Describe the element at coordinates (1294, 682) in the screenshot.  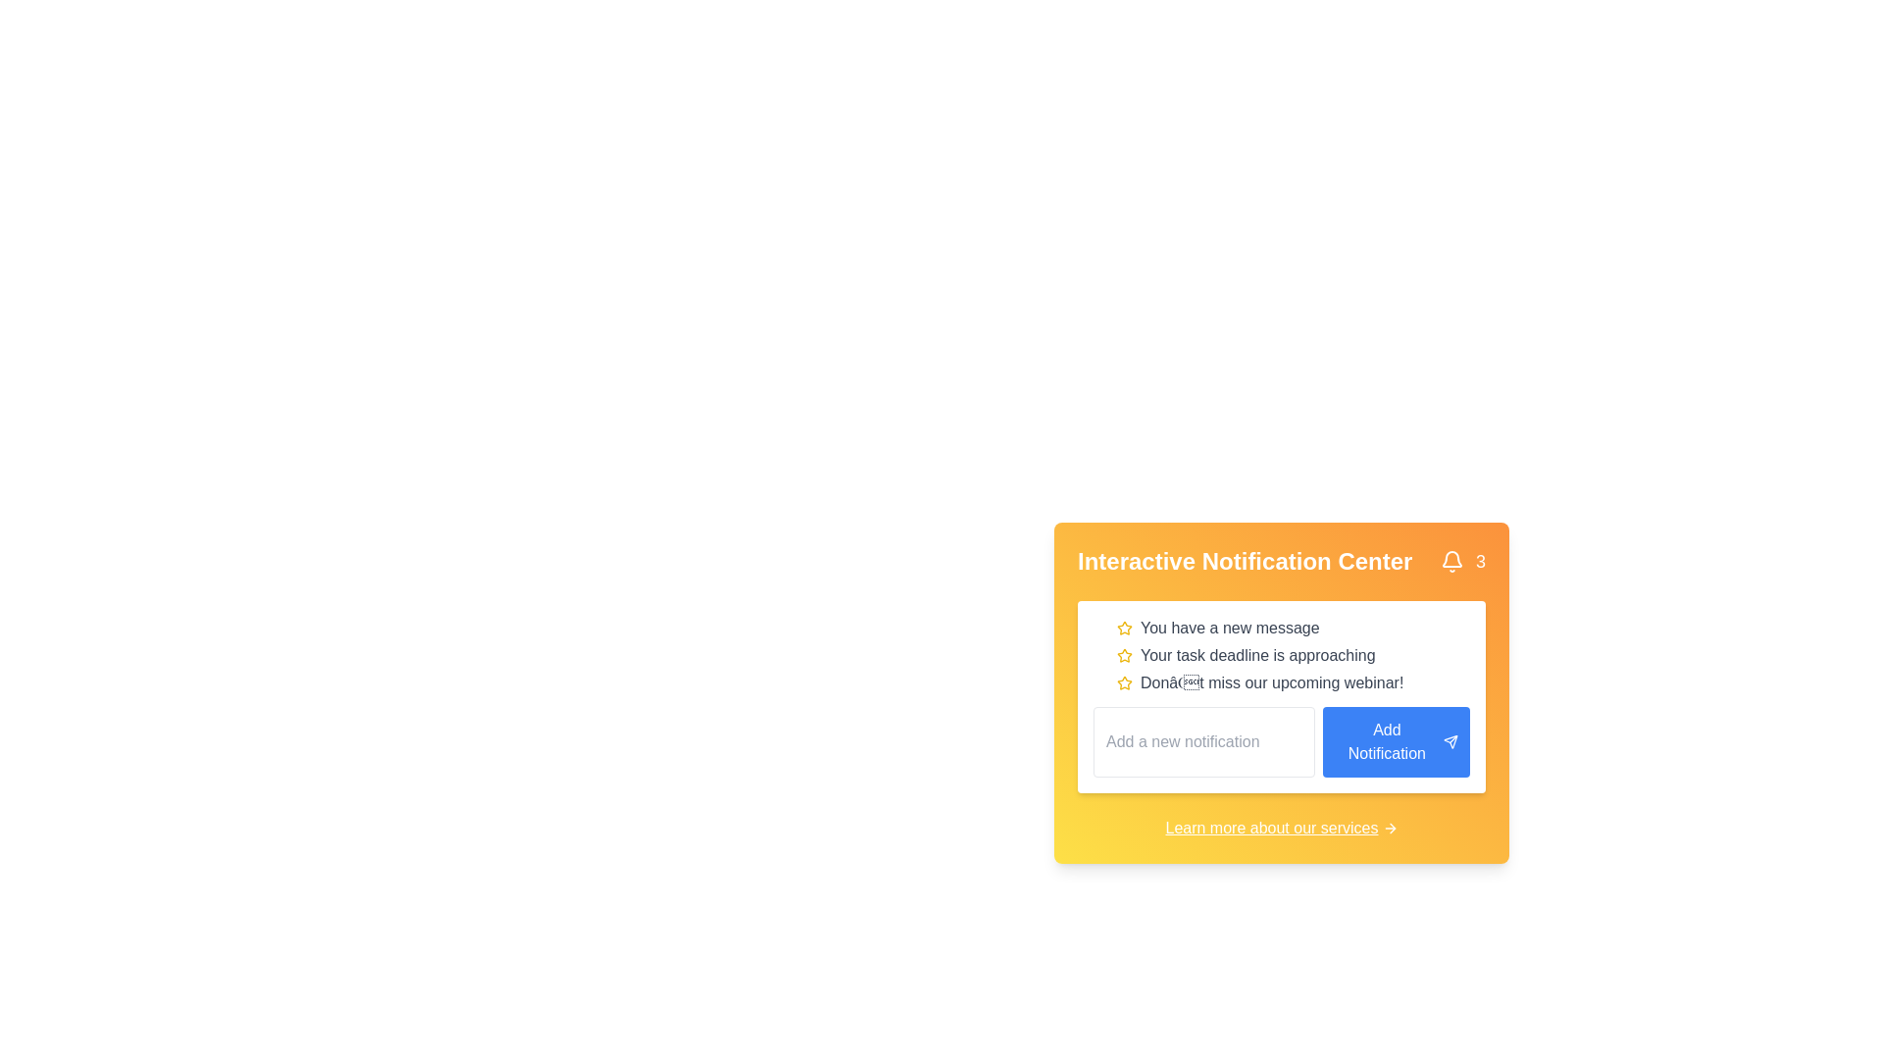
I see `the notification text 'Don't miss our upcoming webinar!' with the yellow star icon, which is the third item in the 'Interactive Notification Center' widget` at that location.